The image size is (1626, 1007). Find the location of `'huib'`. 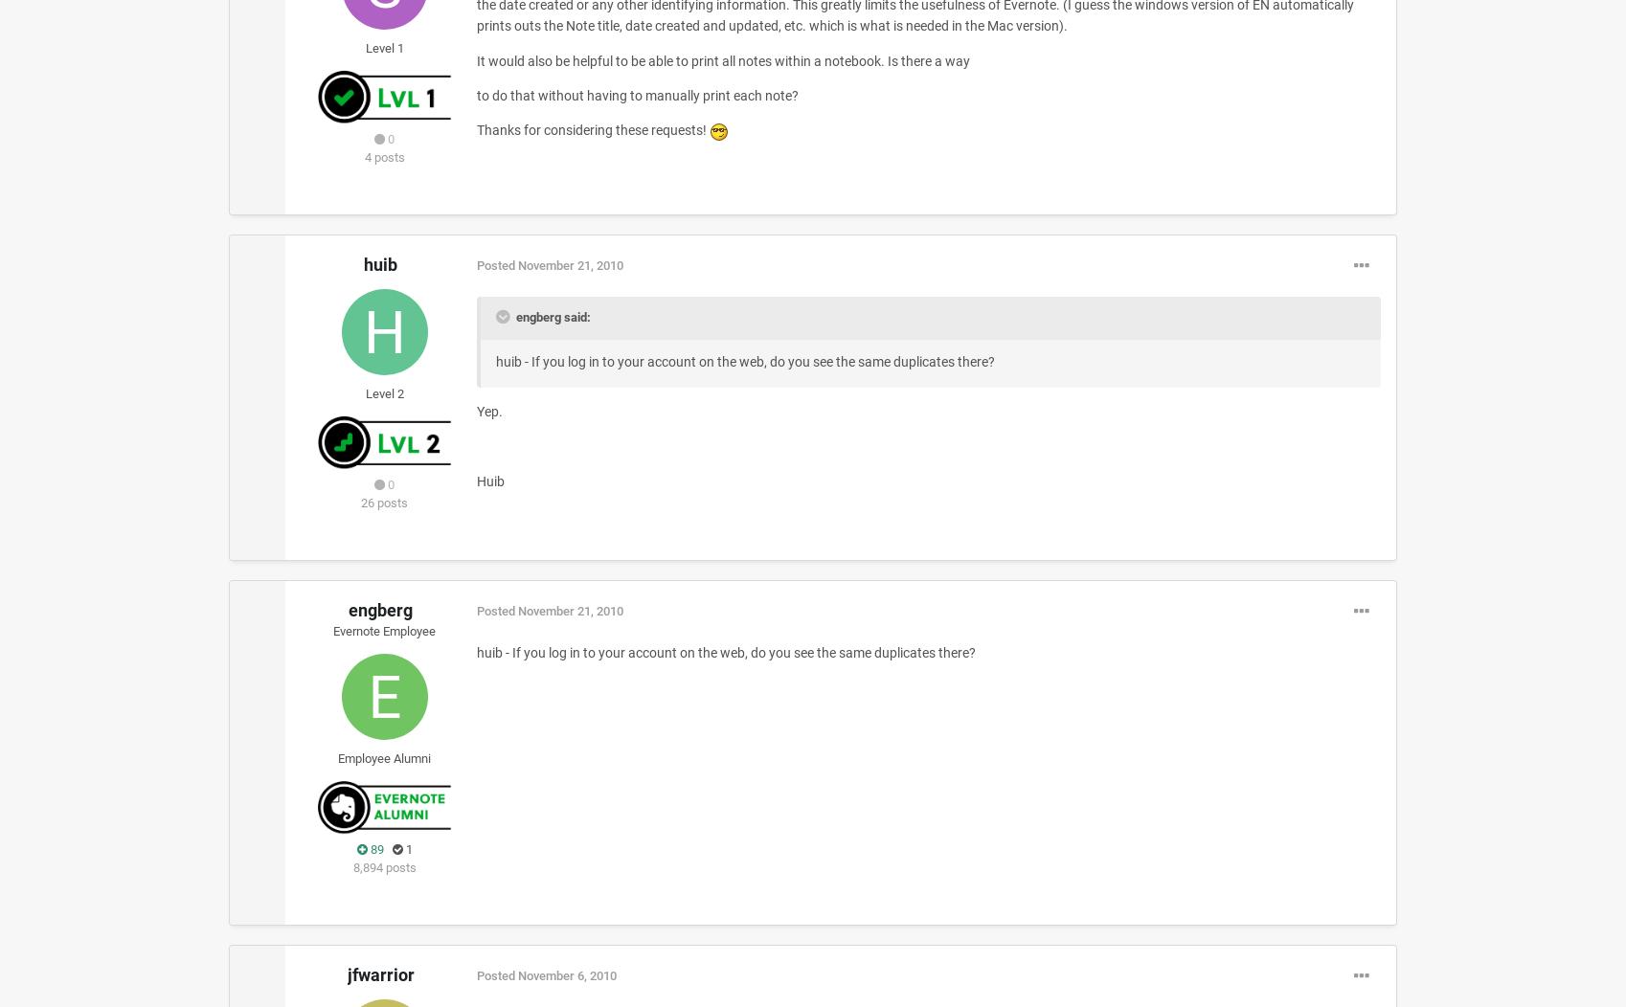

'huib' is located at coordinates (380, 264).